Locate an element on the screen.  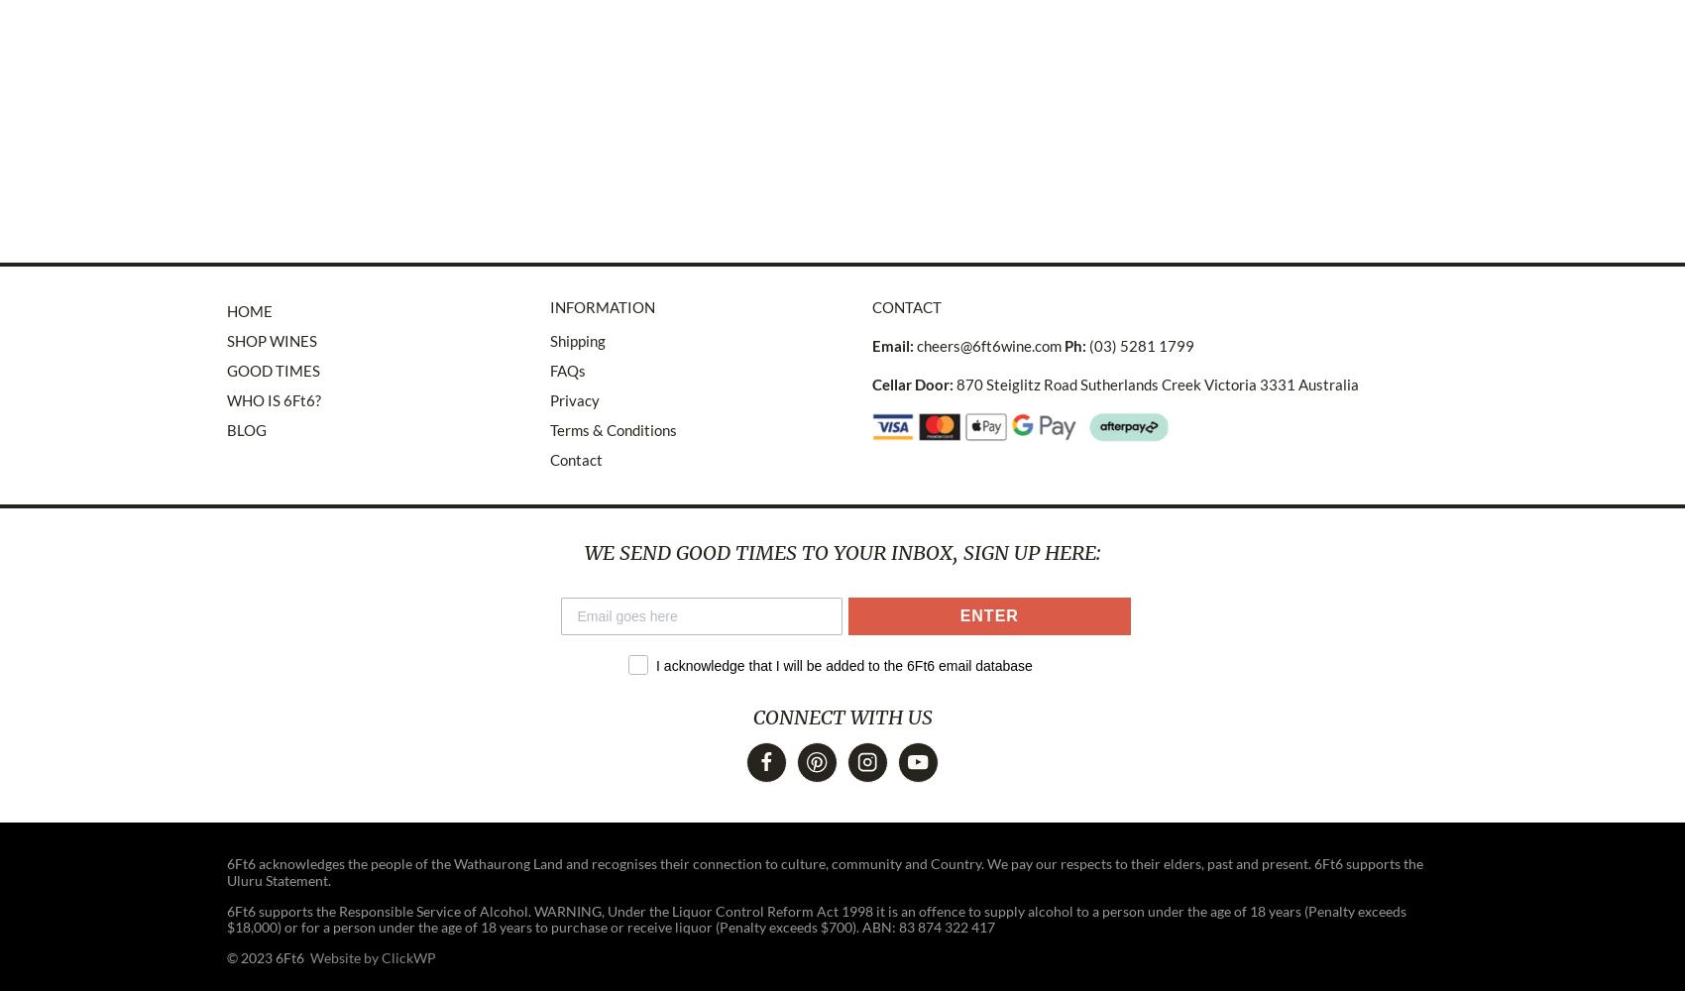
'HOME' is located at coordinates (249, 309).